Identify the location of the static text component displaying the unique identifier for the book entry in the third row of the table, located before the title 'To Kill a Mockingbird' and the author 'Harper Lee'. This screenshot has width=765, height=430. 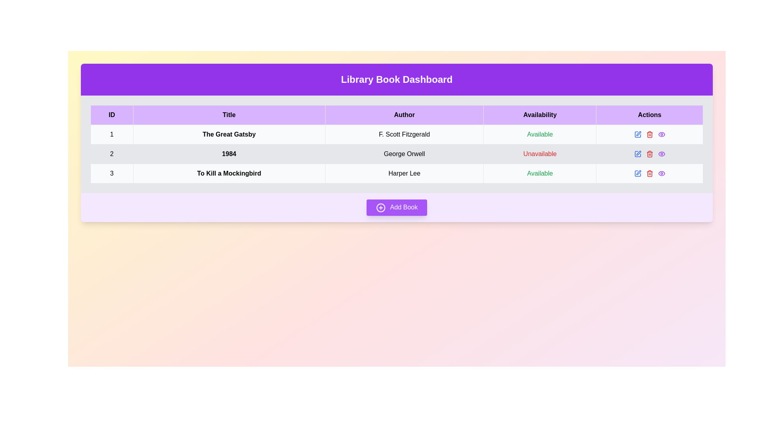
(111, 173).